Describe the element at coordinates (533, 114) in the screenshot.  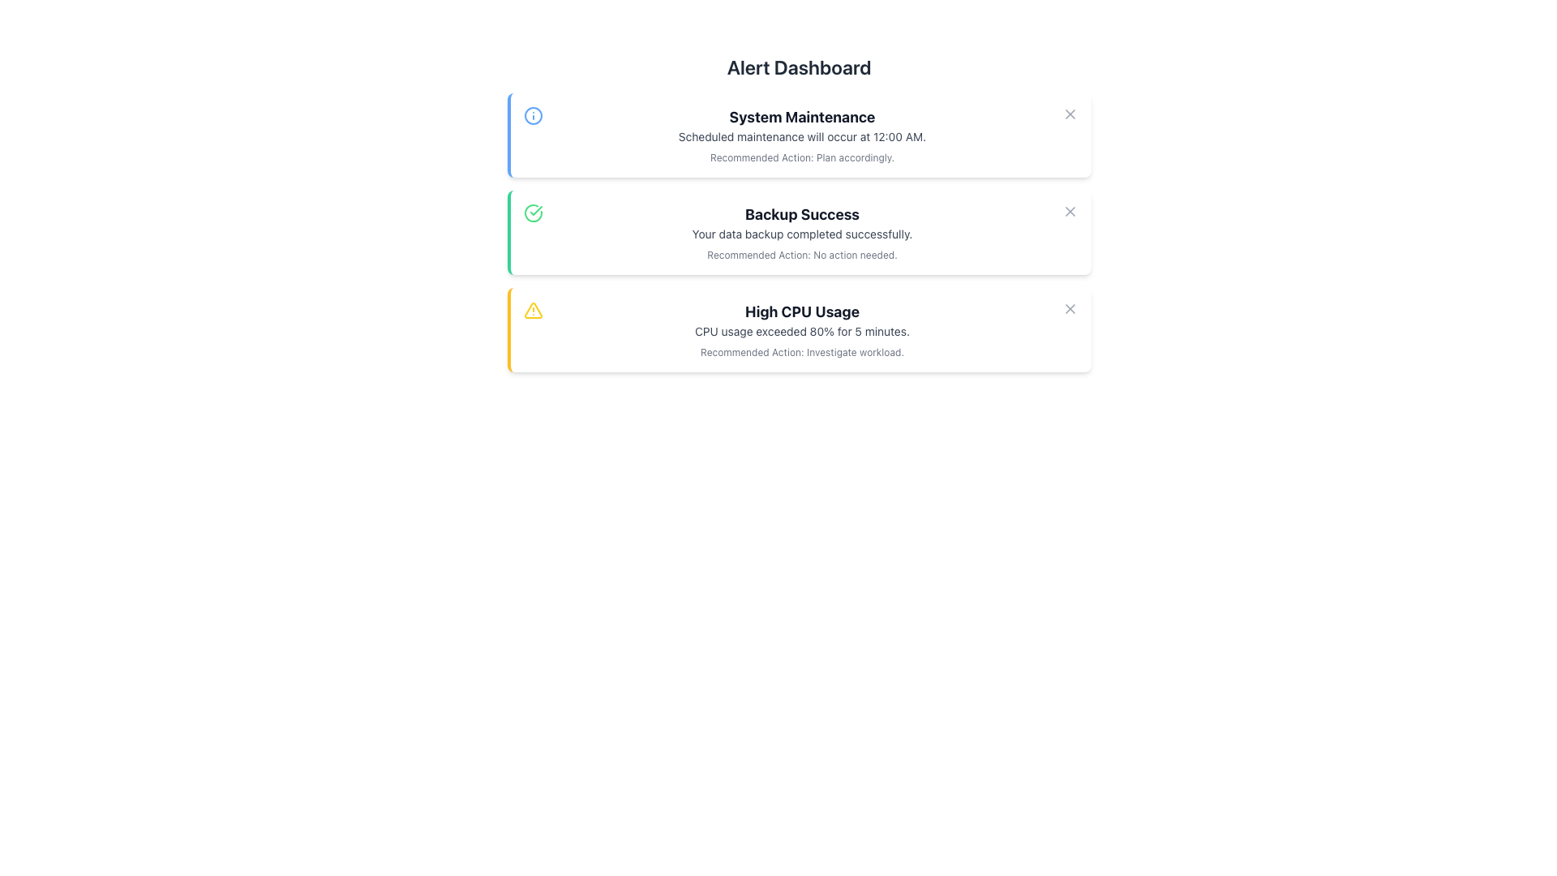
I see `the blue stroke circular SVG icon representing the information symbol located to the left of the 'System Maintenance' text in the alert` at that location.